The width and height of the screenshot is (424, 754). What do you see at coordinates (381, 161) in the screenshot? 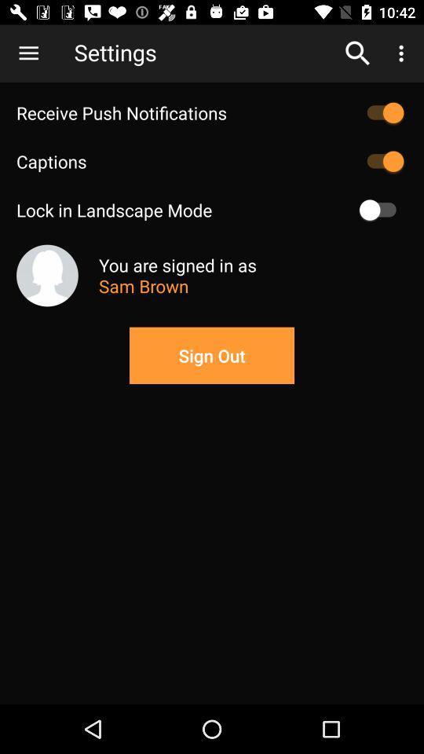
I see `turn on captions` at bounding box center [381, 161].